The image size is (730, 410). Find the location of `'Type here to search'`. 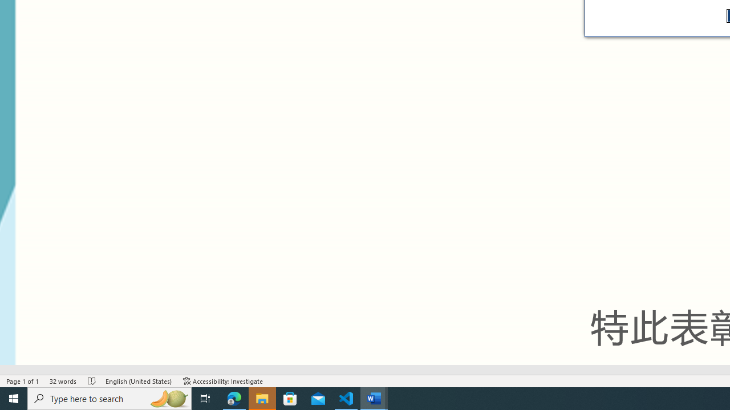

'Type here to search' is located at coordinates (109, 397).